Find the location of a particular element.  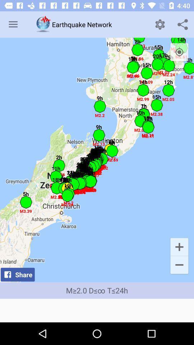

icon next to share icon is located at coordinates (179, 265).